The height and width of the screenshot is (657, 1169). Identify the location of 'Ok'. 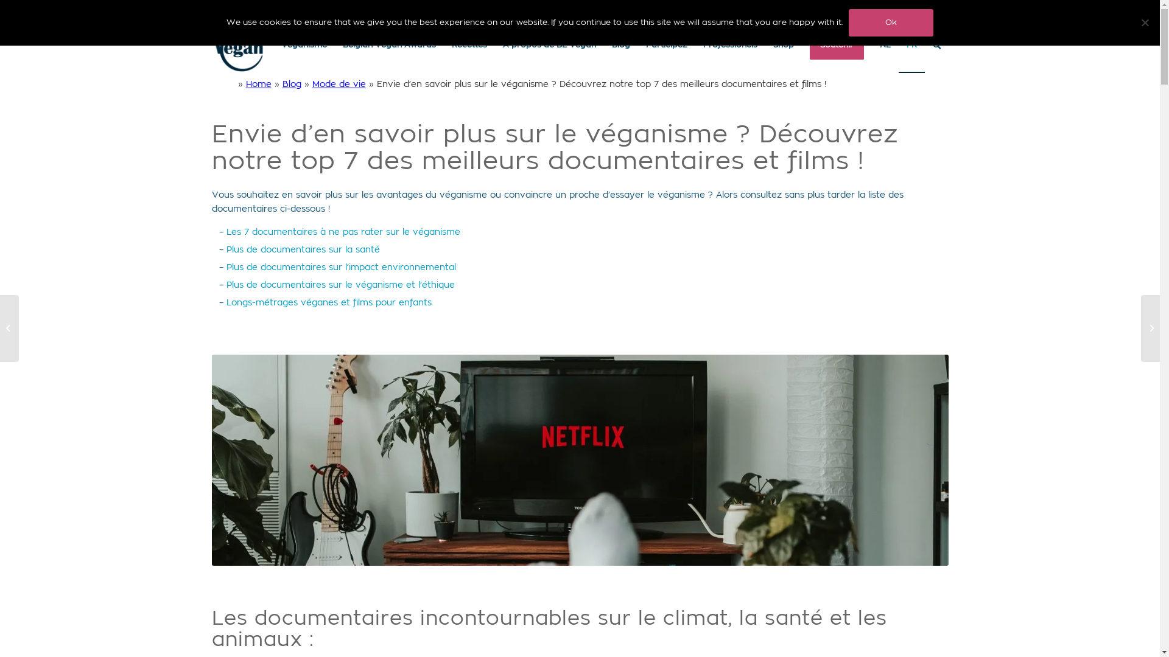
(891, 23).